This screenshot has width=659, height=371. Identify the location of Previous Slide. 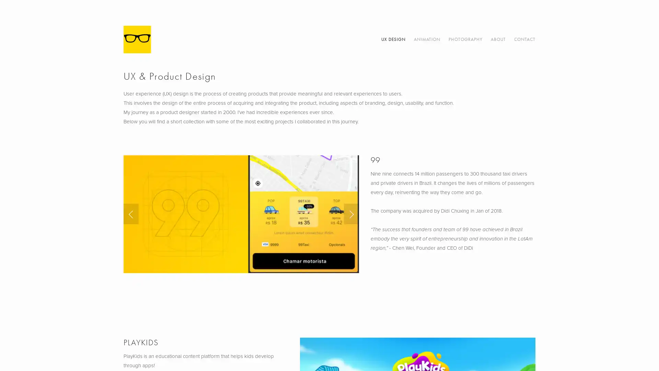
(131, 214).